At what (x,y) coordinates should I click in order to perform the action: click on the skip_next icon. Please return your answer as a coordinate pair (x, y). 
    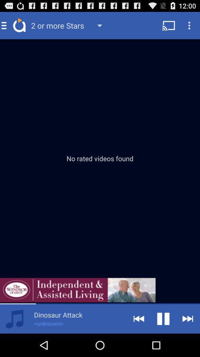
    Looking at the image, I should click on (188, 341).